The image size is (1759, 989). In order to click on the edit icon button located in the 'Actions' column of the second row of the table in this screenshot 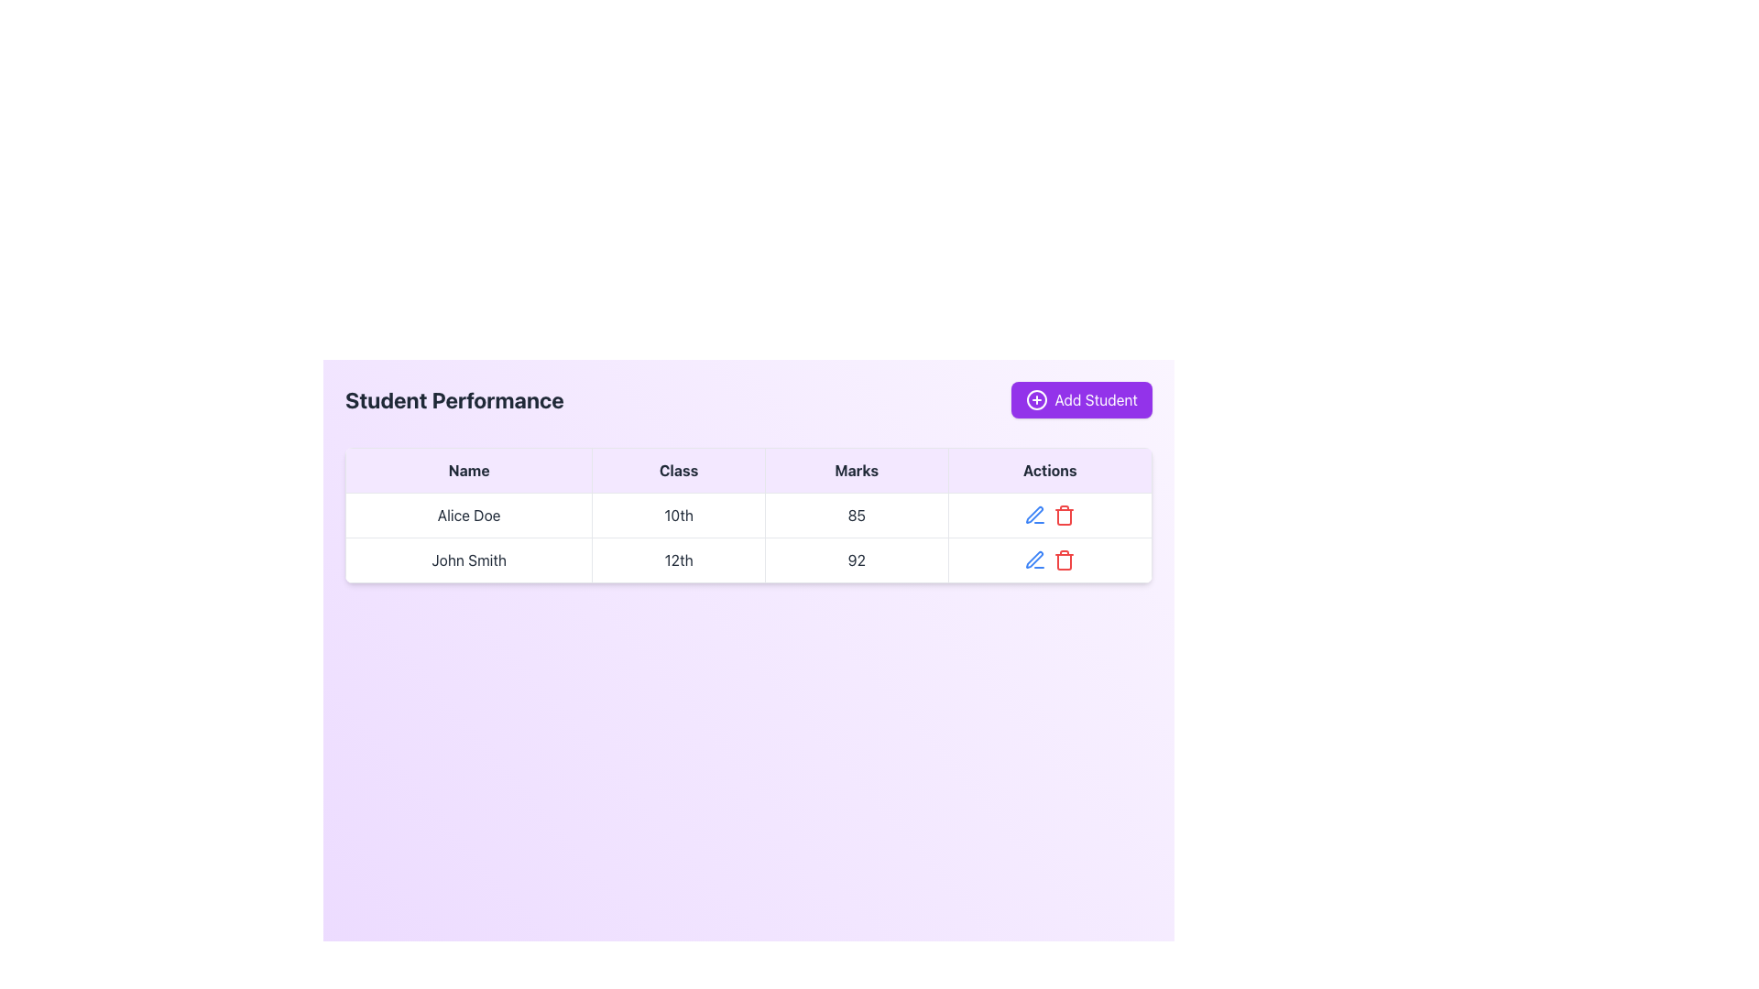, I will do `click(1035, 560)`.